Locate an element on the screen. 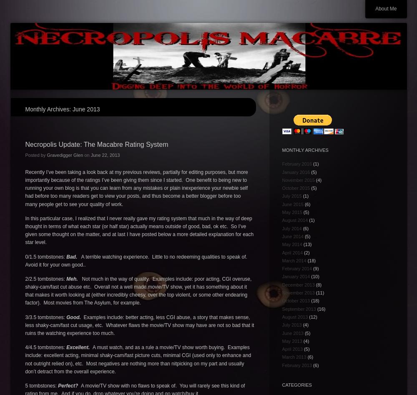  'Posted by' is located at coordinates (35, 154).